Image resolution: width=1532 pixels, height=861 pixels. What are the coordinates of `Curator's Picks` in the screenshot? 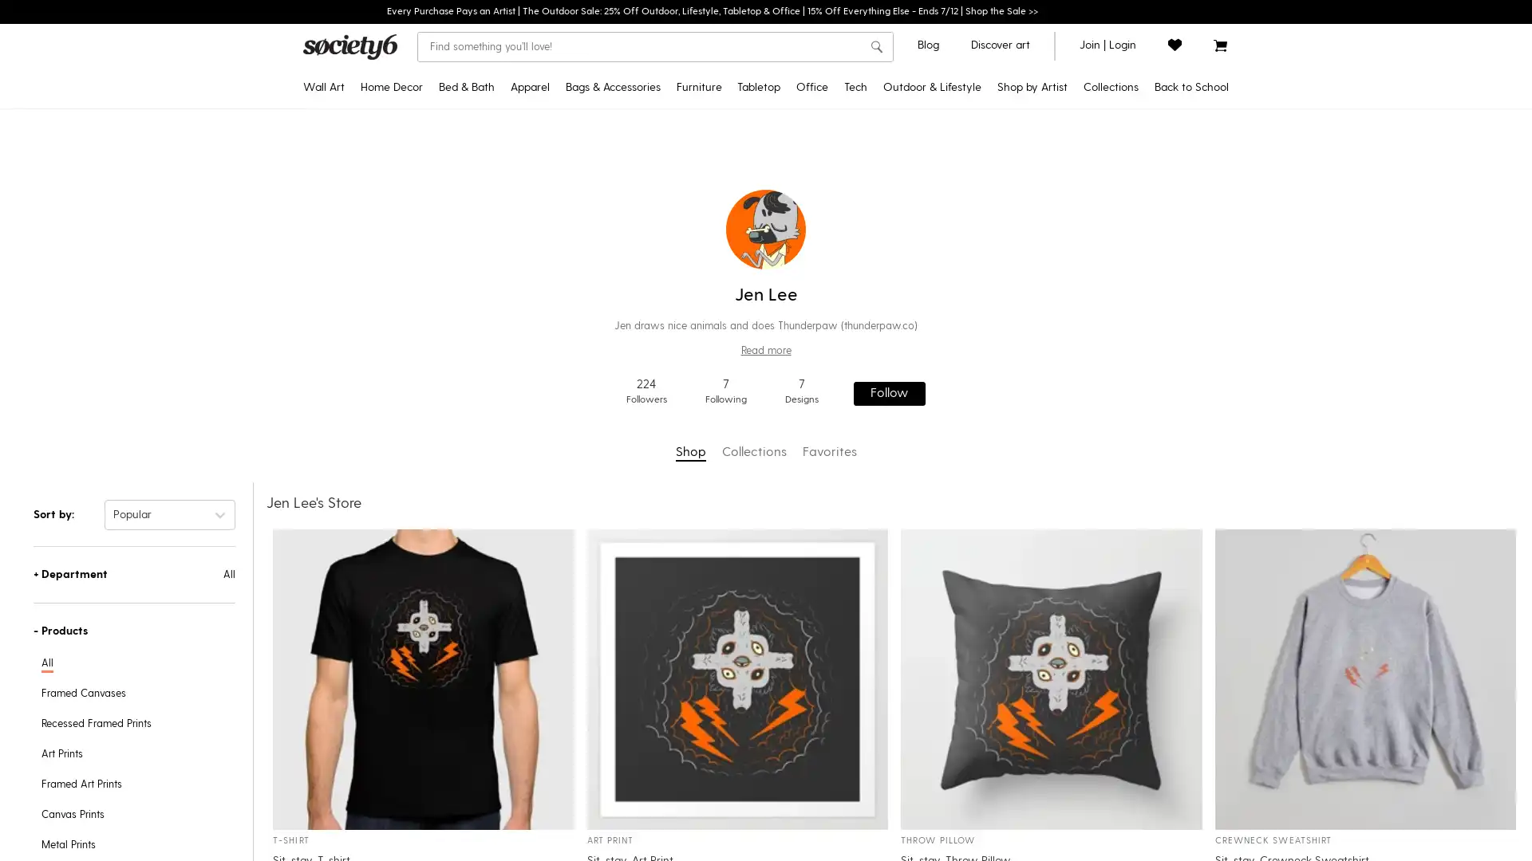 It's located at (1052, 230).